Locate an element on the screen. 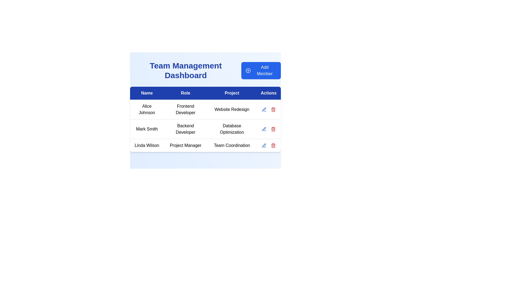  name 'Mark Smith' displayed on the text label located in the second row under the 'Name' column of the structured table layout is located at coordinates (147, 129).